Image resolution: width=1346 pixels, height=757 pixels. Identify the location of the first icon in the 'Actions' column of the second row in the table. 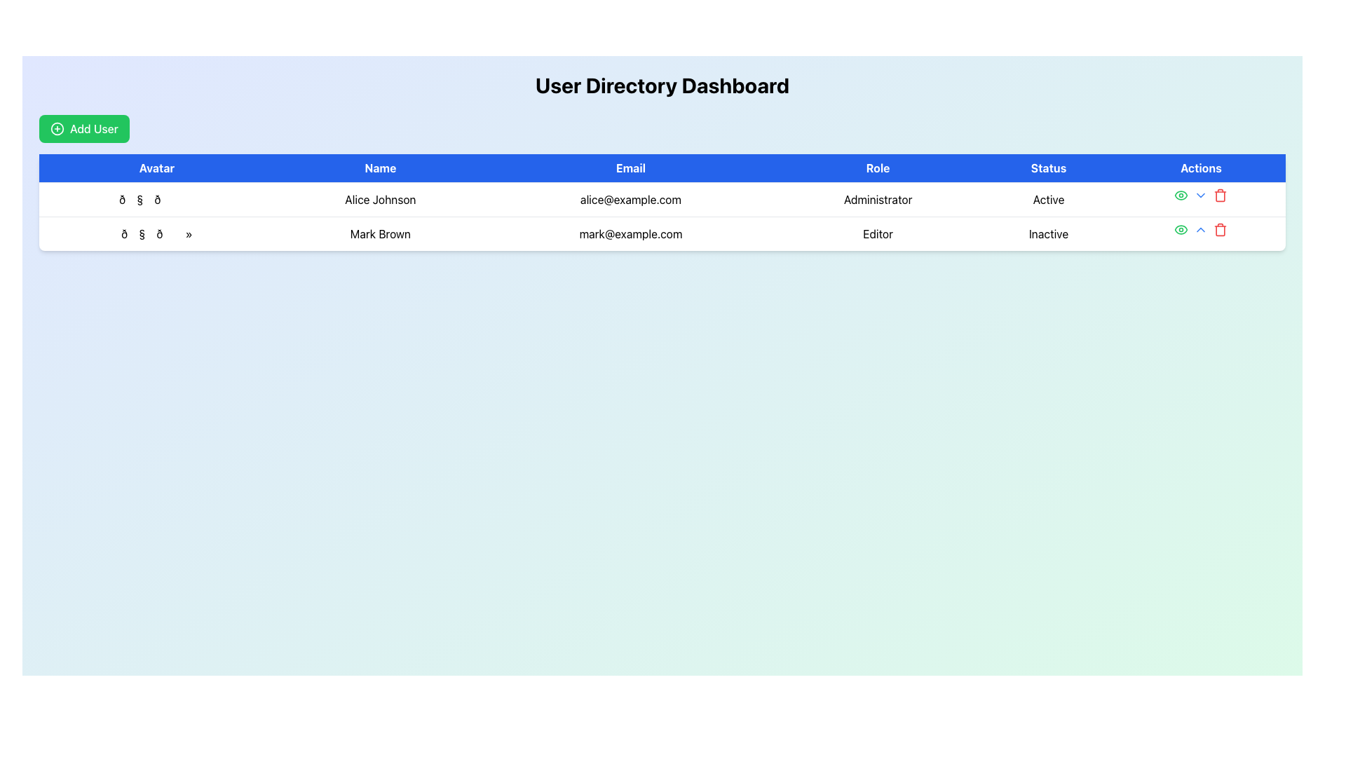
(1181, 229).